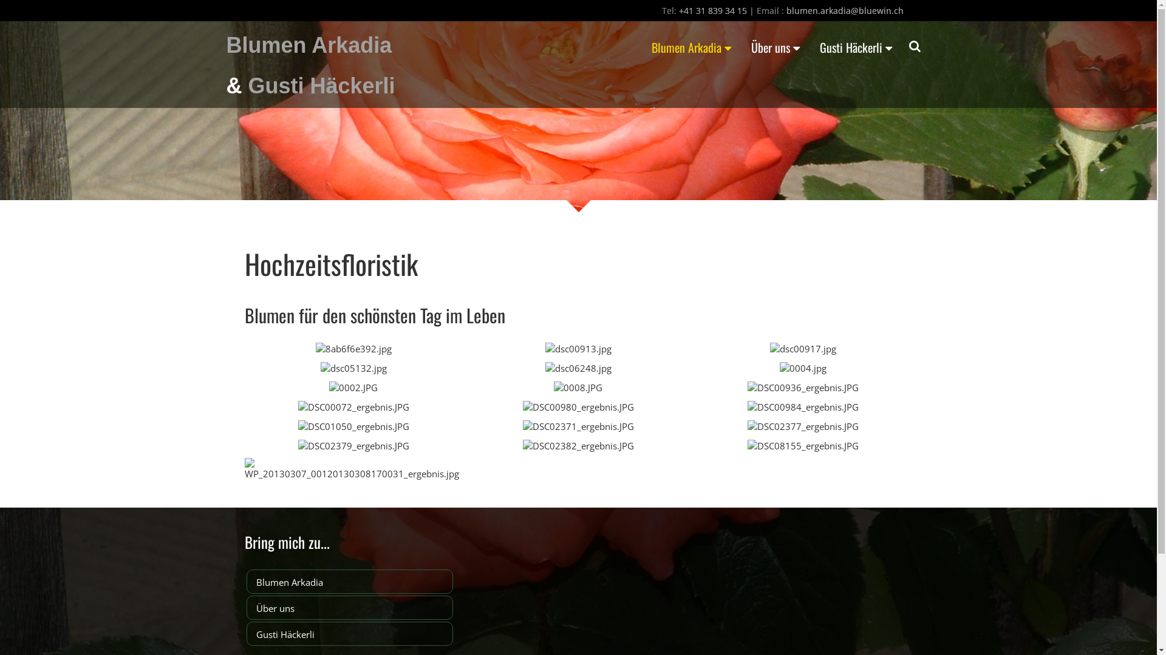  Describe the element at coordinates (844, 10) in the screenshot. I see `'blumen.arkadia@bluewin.ch'` at that location.